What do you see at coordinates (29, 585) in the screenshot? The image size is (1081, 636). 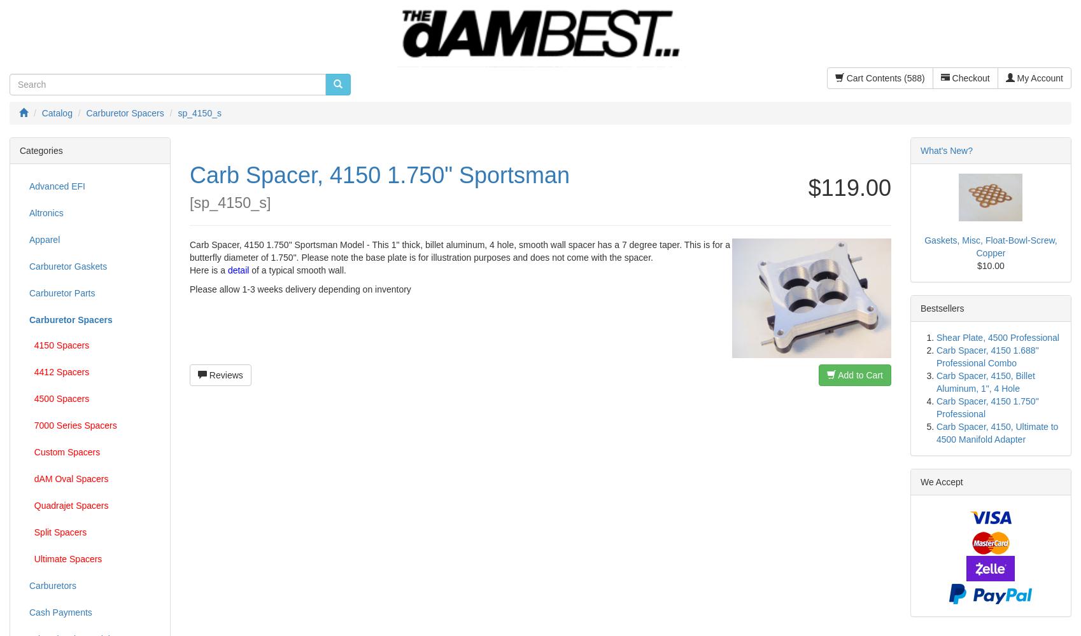 I see `'Carburetors'` at bounding box center [29, 585].